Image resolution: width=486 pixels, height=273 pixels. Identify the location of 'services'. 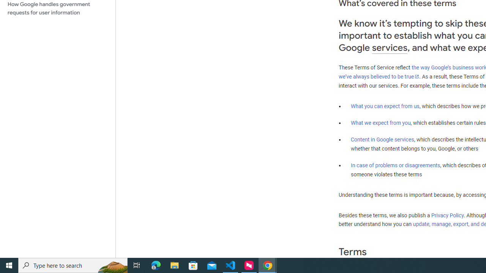
(390, 47).